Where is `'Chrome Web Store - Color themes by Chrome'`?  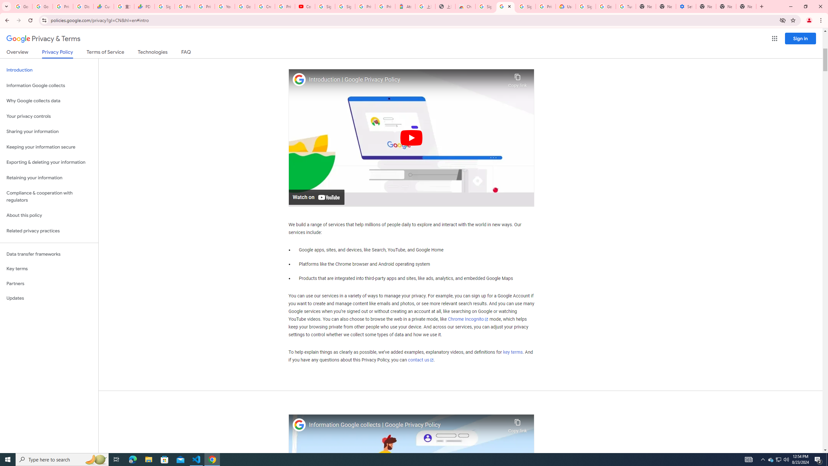 'Chrome Web Store - Color themes by Chrome' is located at coordinates (465, 6).